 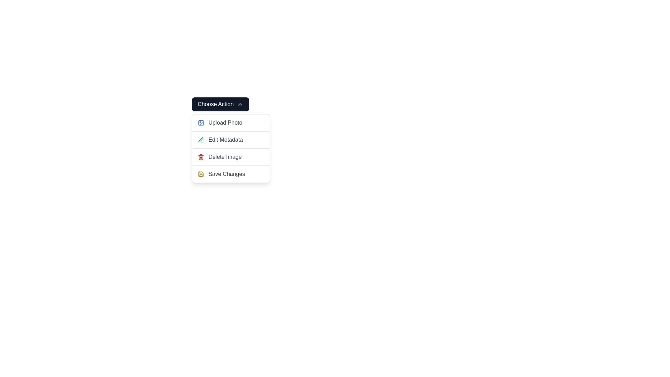 I want to click on the delete icon located to the left of the 'Delete Image' text in the dropdown menu, which is the third option from the top, so click(x=201, y=157).